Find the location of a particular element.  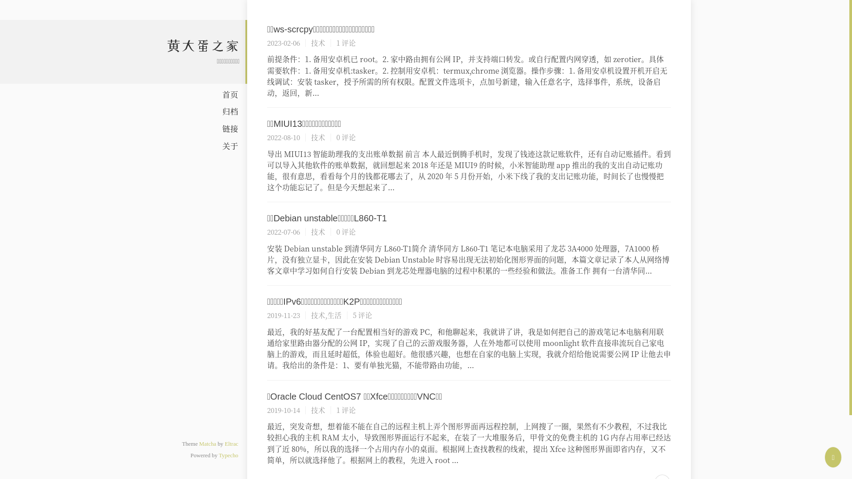

'Matcha' is located at coordinates (207, 444).